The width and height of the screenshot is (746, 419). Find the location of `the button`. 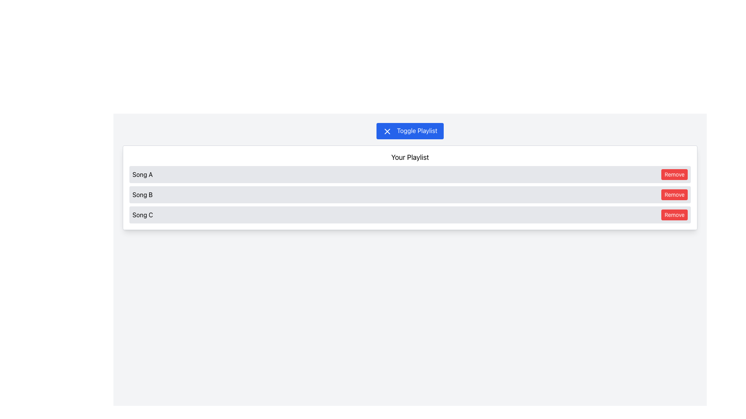

the button is located at coordinates (674, 215).